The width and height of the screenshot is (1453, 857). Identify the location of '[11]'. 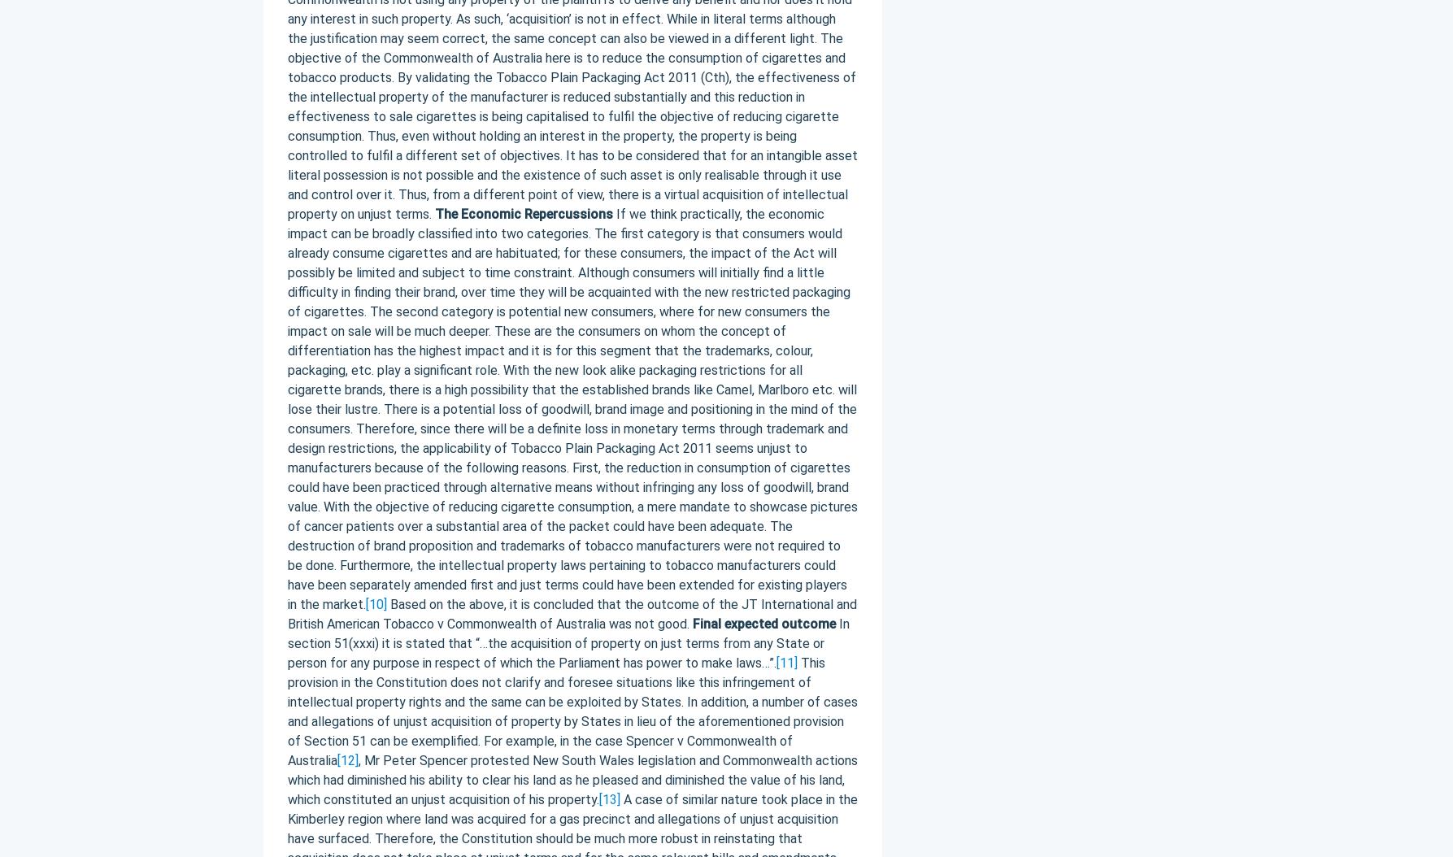
(785, 661).